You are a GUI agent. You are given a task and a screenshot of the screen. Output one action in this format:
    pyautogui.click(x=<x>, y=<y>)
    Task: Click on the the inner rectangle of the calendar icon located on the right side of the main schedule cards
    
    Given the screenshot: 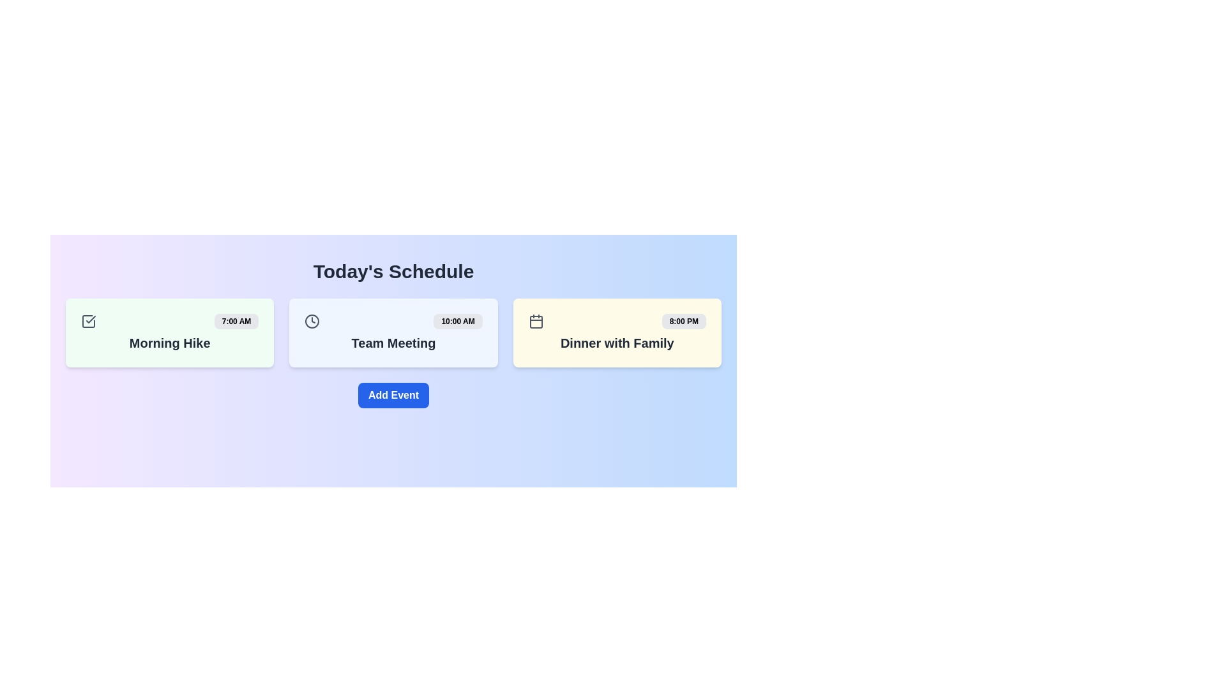 What is the action you would take?
    pyautogui.click(x=536, y=322)
    